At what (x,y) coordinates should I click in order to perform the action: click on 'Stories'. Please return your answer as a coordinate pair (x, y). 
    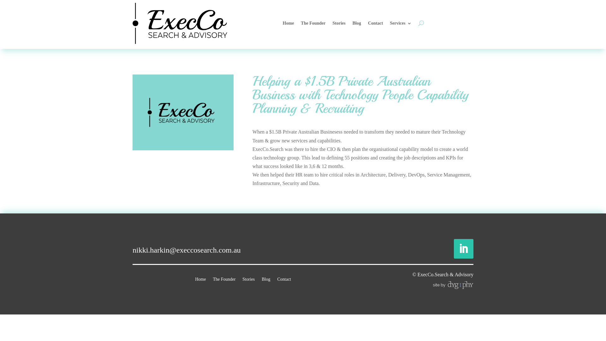
    Looking at the image, I should click on (248, 278).